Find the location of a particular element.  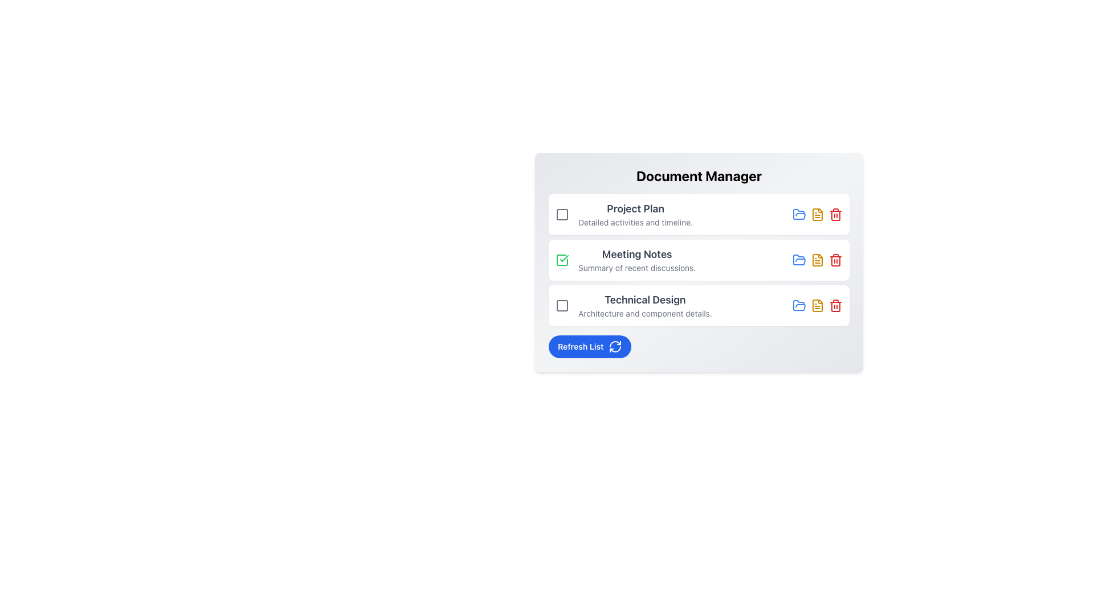

the static text label displaying 'Summary of recent discussions.' positioned below the 'Meeting Notes' heading is located at coordinates (636, 268).